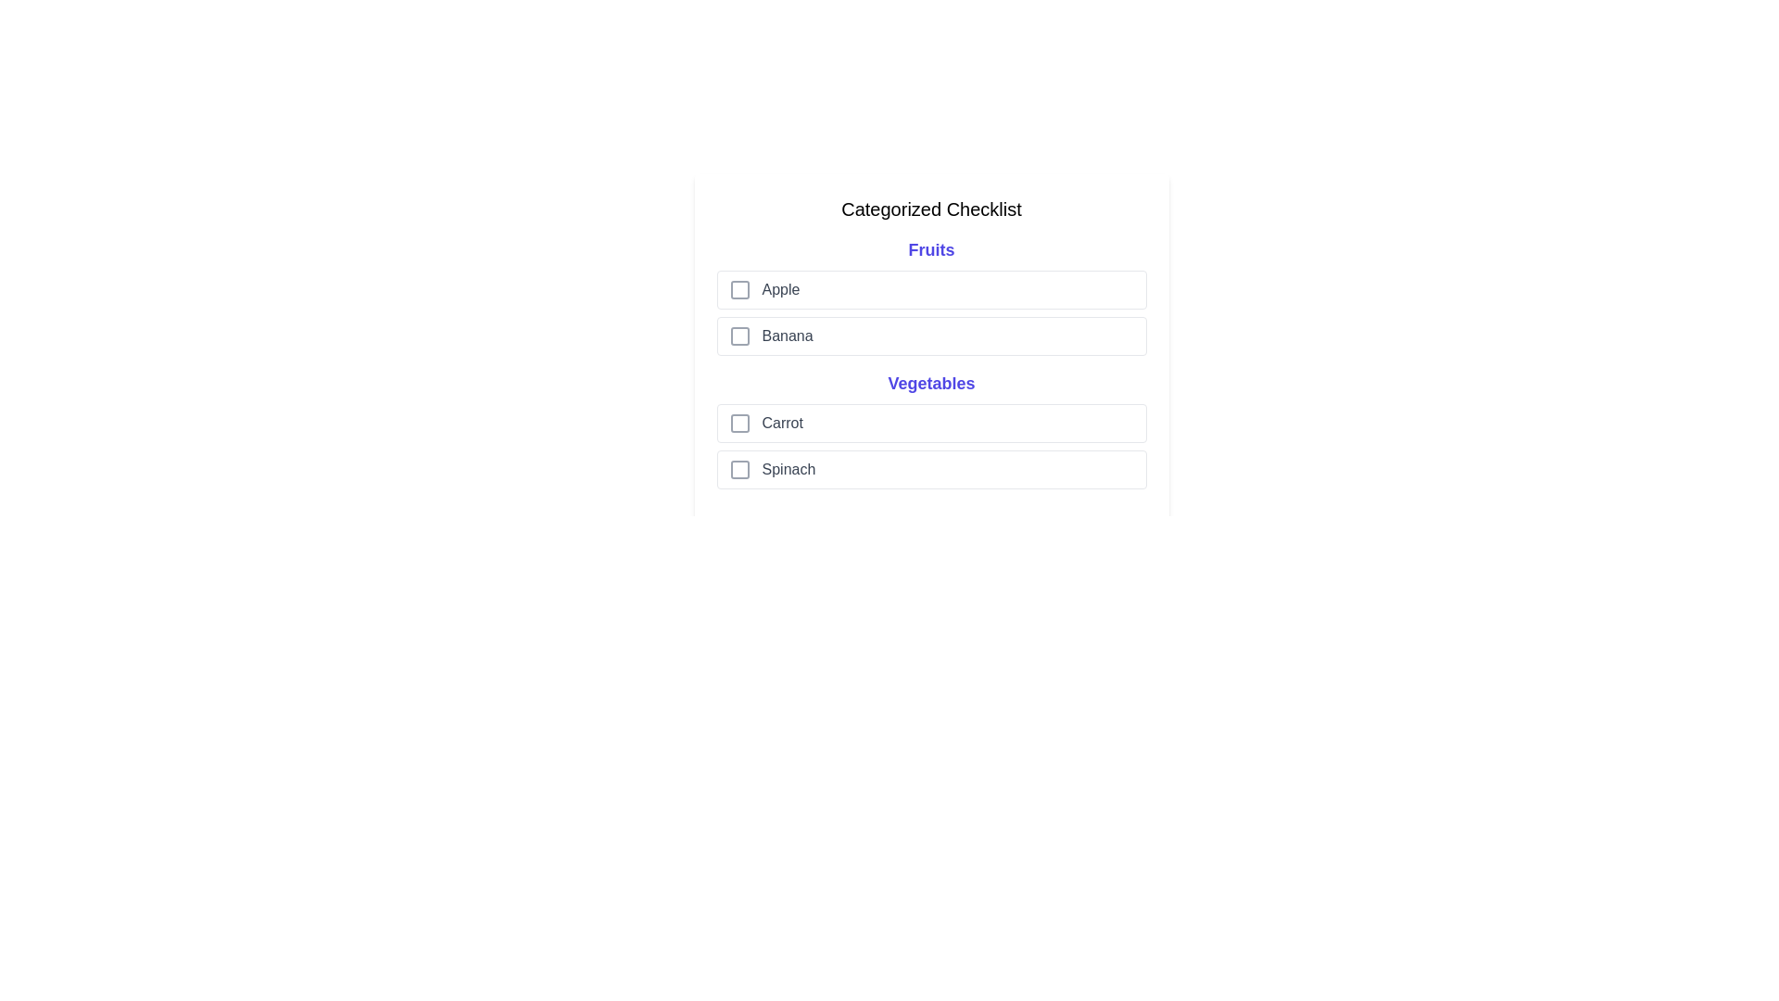 The height and width of the screenshot is (1001, 1779). I want to click on the checkbox element styled as a square icon with a gray border, located to the left of the 'Spinach' text label in the checklist interface, so click(738, 468).